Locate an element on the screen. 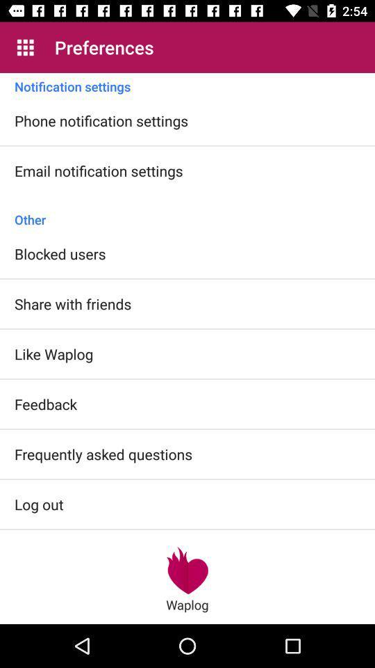 Image resolution: width=375 pixels, height=668 pixels. icon below frequently asked questions icon is located at coordinates (39, 503).